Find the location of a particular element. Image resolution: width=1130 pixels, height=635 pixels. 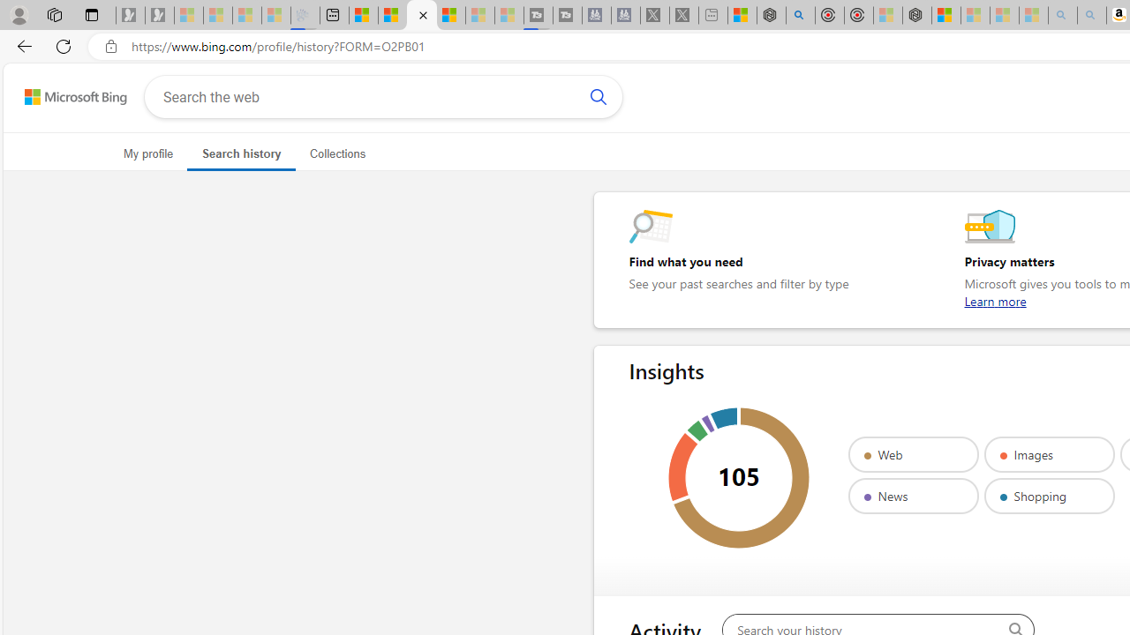

'Search - Search History' is located at coordinates (421, 15).